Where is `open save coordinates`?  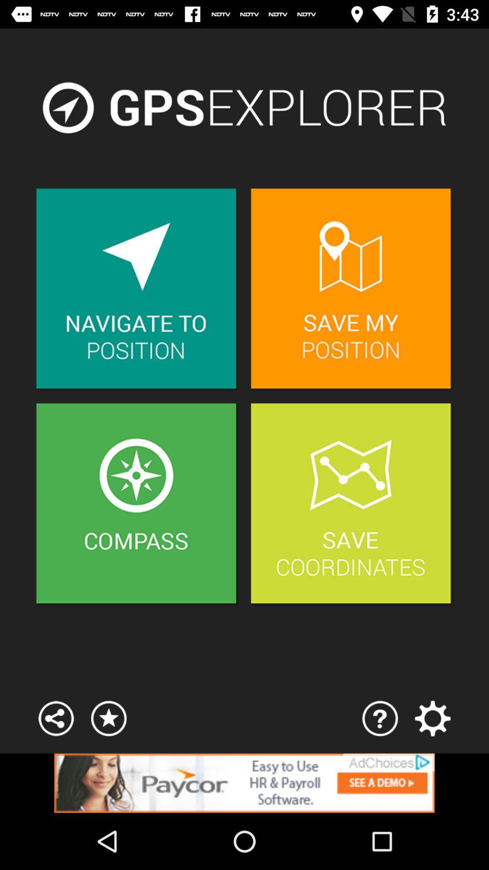
open save coordinates is located at coordinates (351, 504).